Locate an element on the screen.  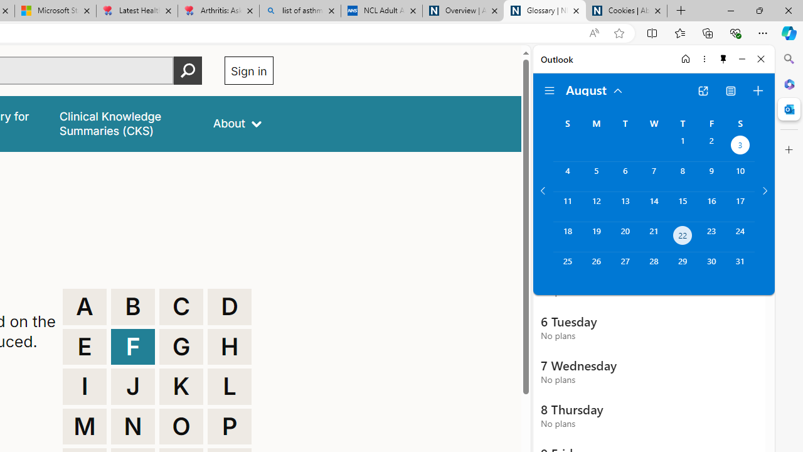
'N' is located at coordinates (133, 426).